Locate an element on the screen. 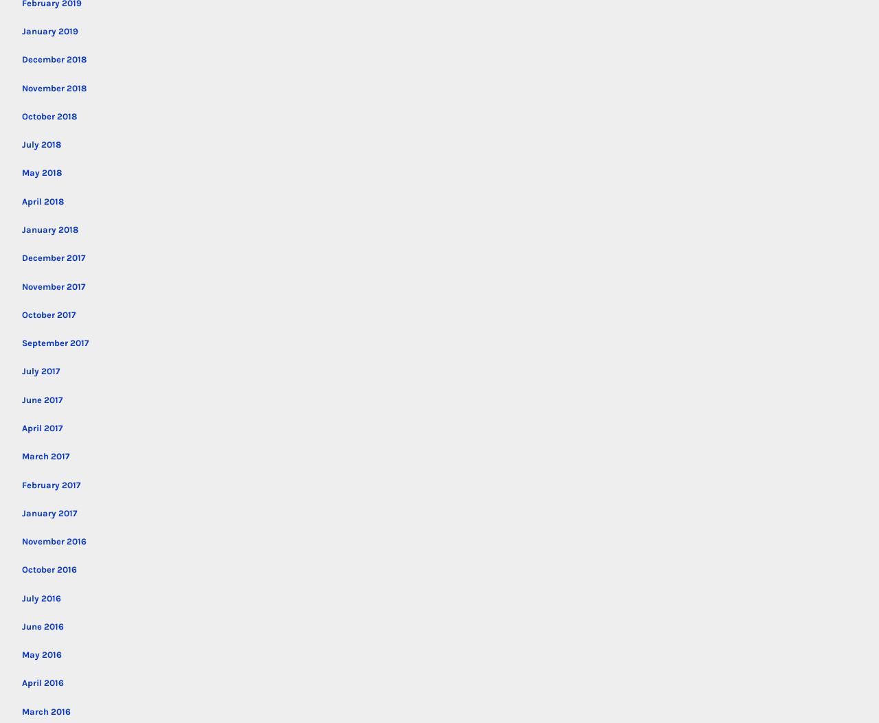  'May 2018' is located at coordinates (42, 172).